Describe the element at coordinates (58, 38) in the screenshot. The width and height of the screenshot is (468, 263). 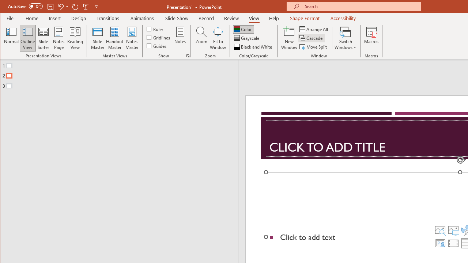
I see `'Notes Page'` at that location.